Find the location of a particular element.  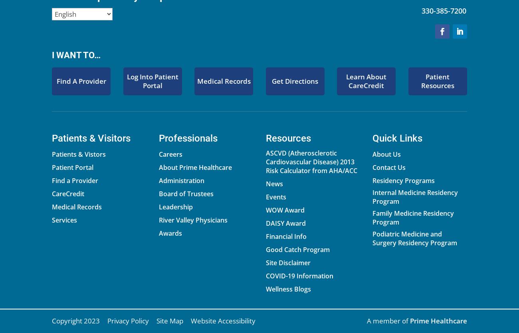

'Events' is located at coordinates (275, 196).